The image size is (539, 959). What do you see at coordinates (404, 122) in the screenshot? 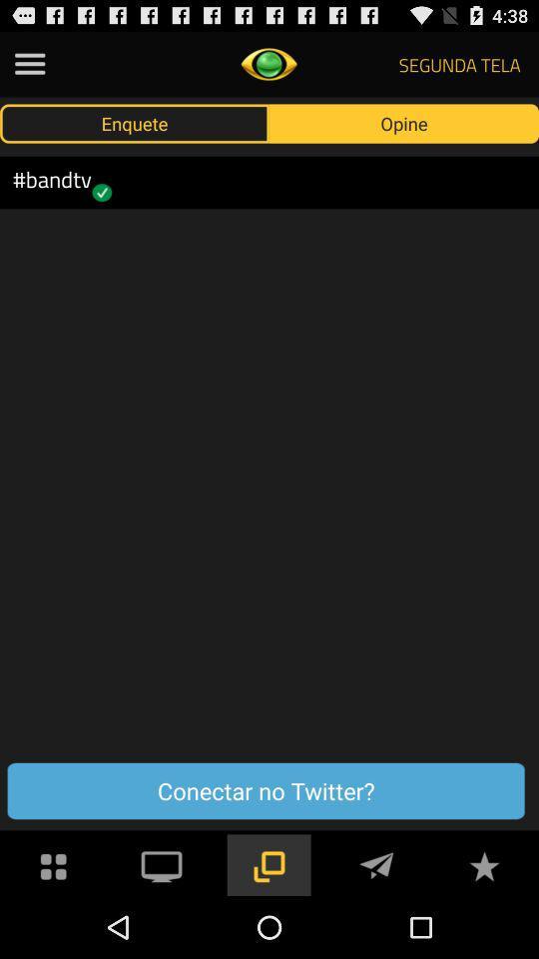
I see `the button above conectar no twitter? button` at bounding box center [404, 122].